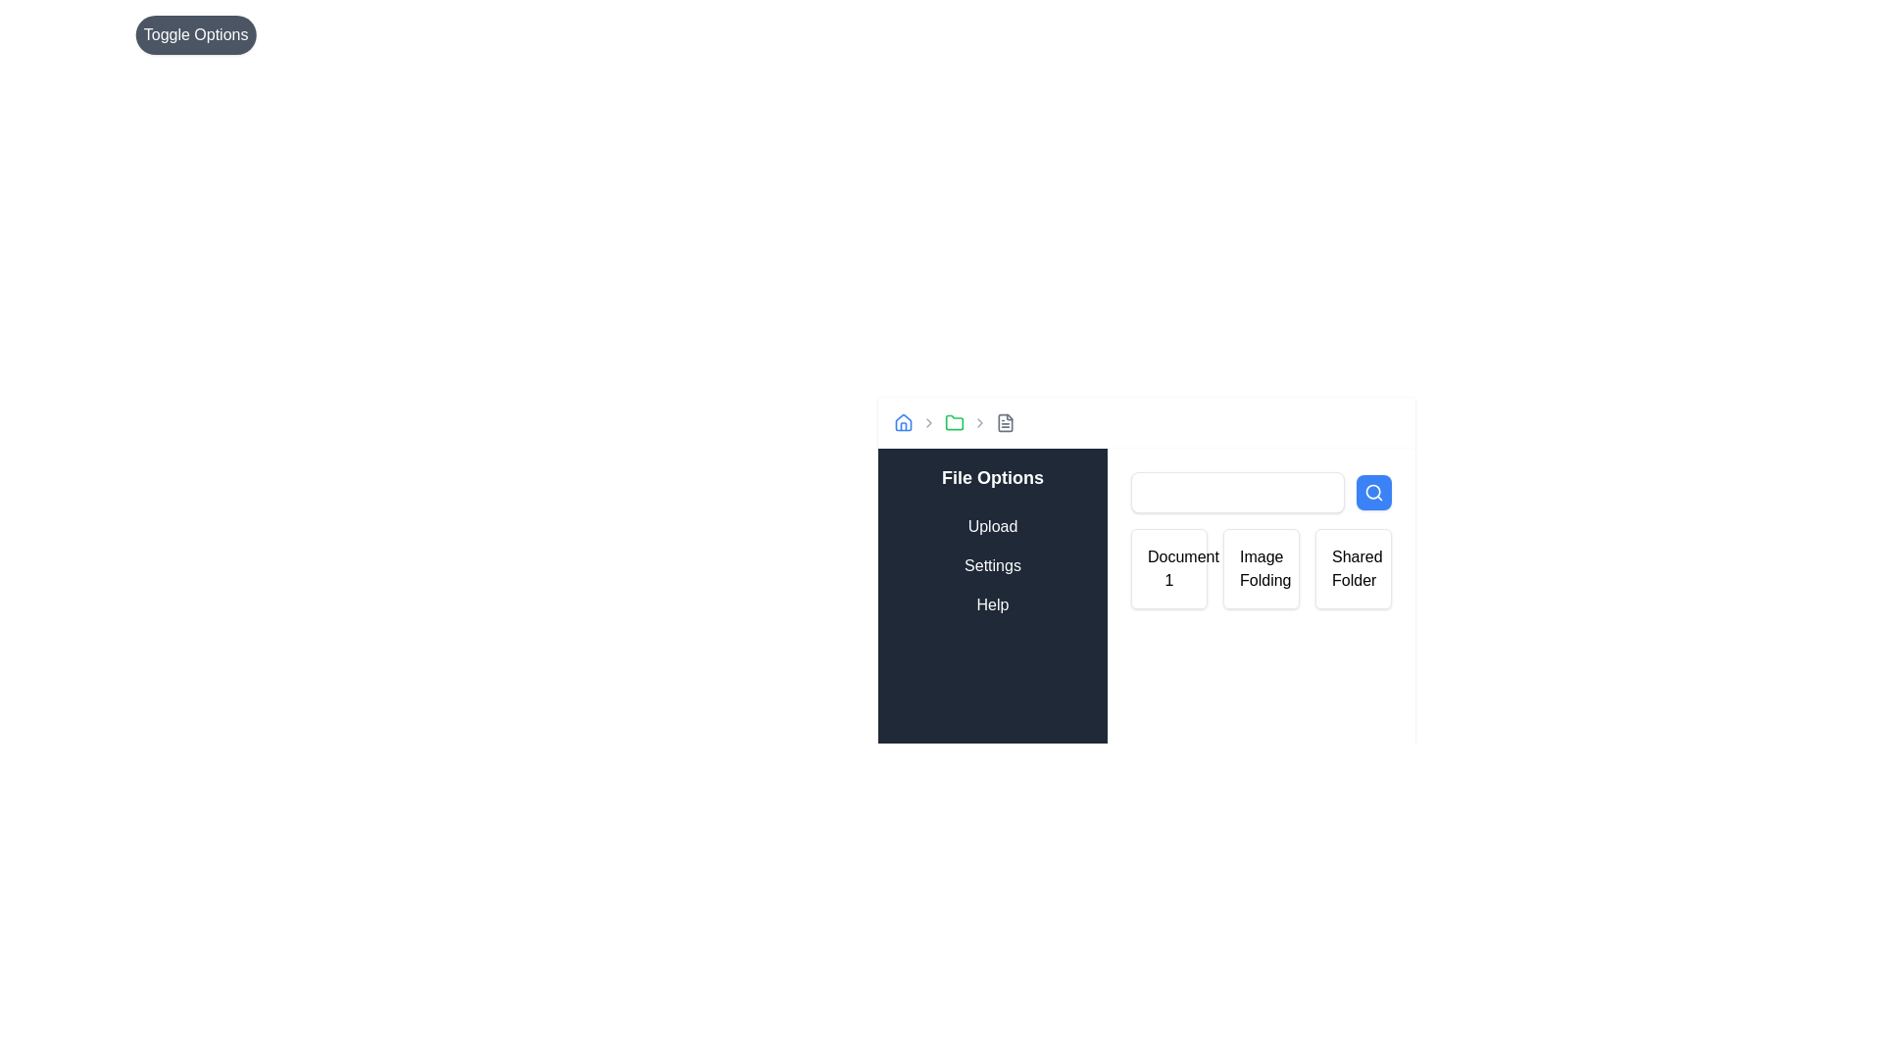 This screenshot has height=1058, width=1882. Describe the element at coordinates (1372, 491) in the screenshot. I see `the search icon located in the top-right part of the interface, which is part of a rounded rectangular button styled with a blue background` at that location.